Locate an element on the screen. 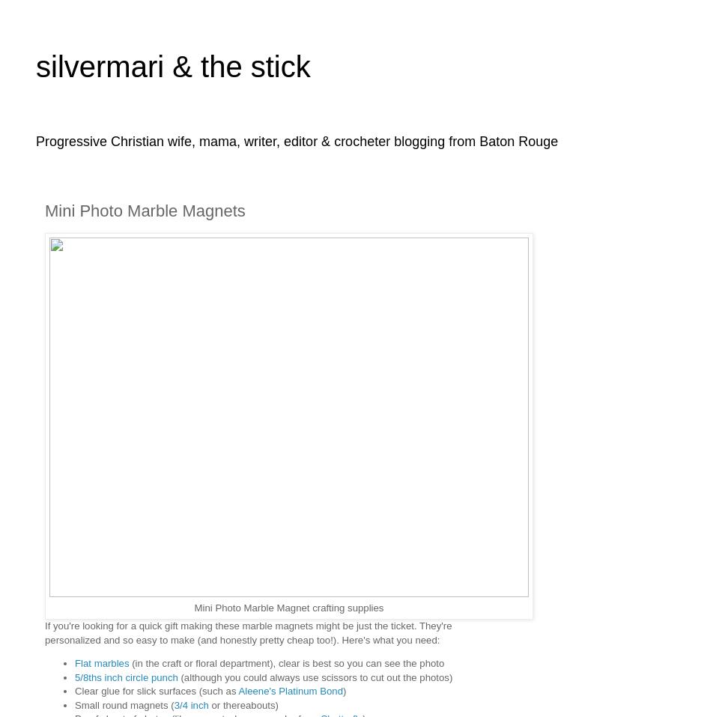  '(in the craft or floral department), clear is best so you can see the photo' is located at coordinates (285, 663).